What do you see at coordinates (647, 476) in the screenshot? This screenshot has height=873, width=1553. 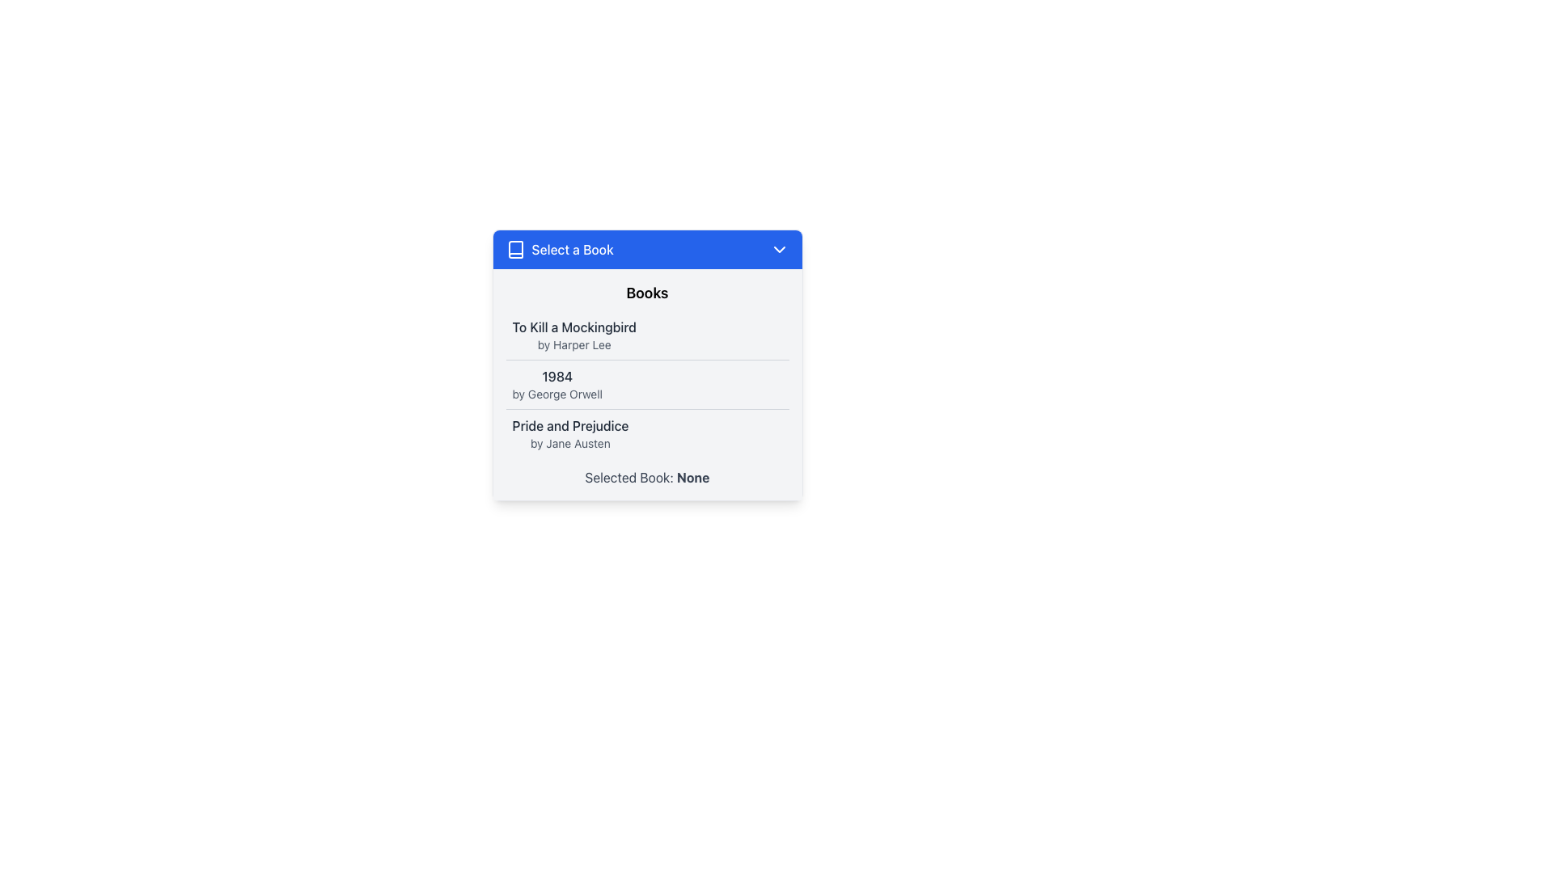 I see `text content of the Text Label indicating the currently selected book, which currently displays 'None'` at bounding box center [647, 476].